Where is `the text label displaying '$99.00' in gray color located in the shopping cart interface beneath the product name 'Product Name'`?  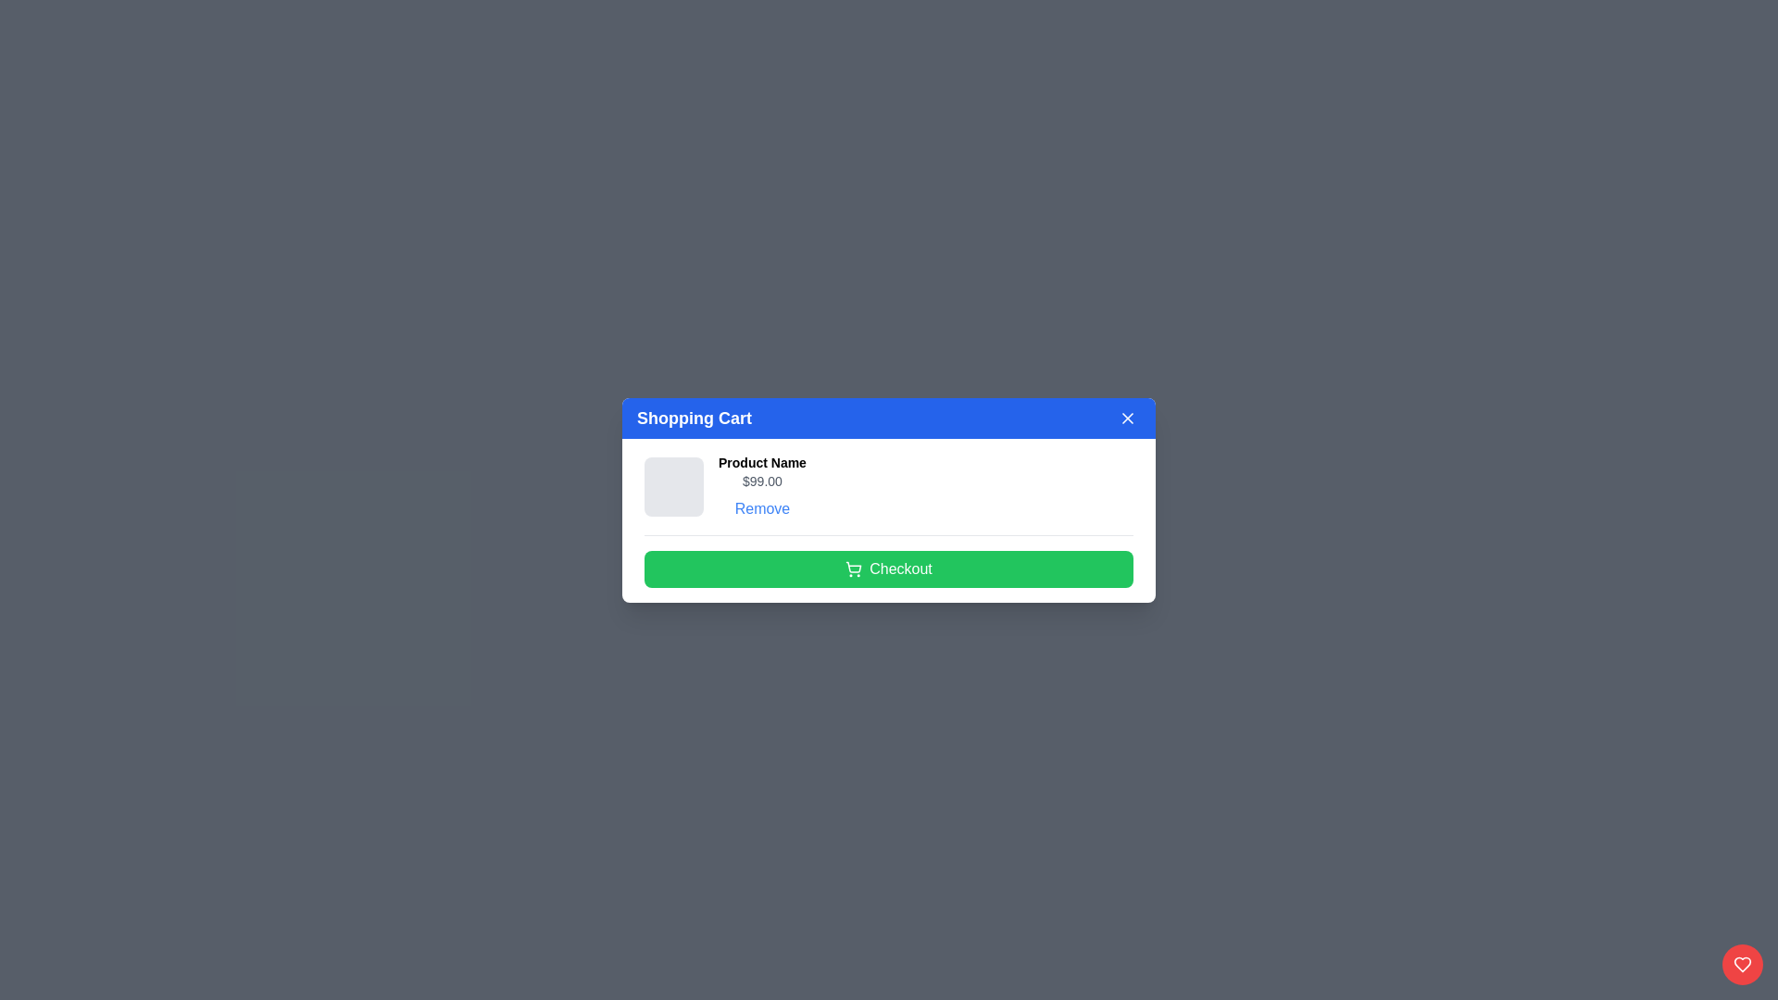 the text label displaying '$99.00' in gray color located in the shopping cart interface beneath the product name 'Product Name' is located at coordinates (762, 480).